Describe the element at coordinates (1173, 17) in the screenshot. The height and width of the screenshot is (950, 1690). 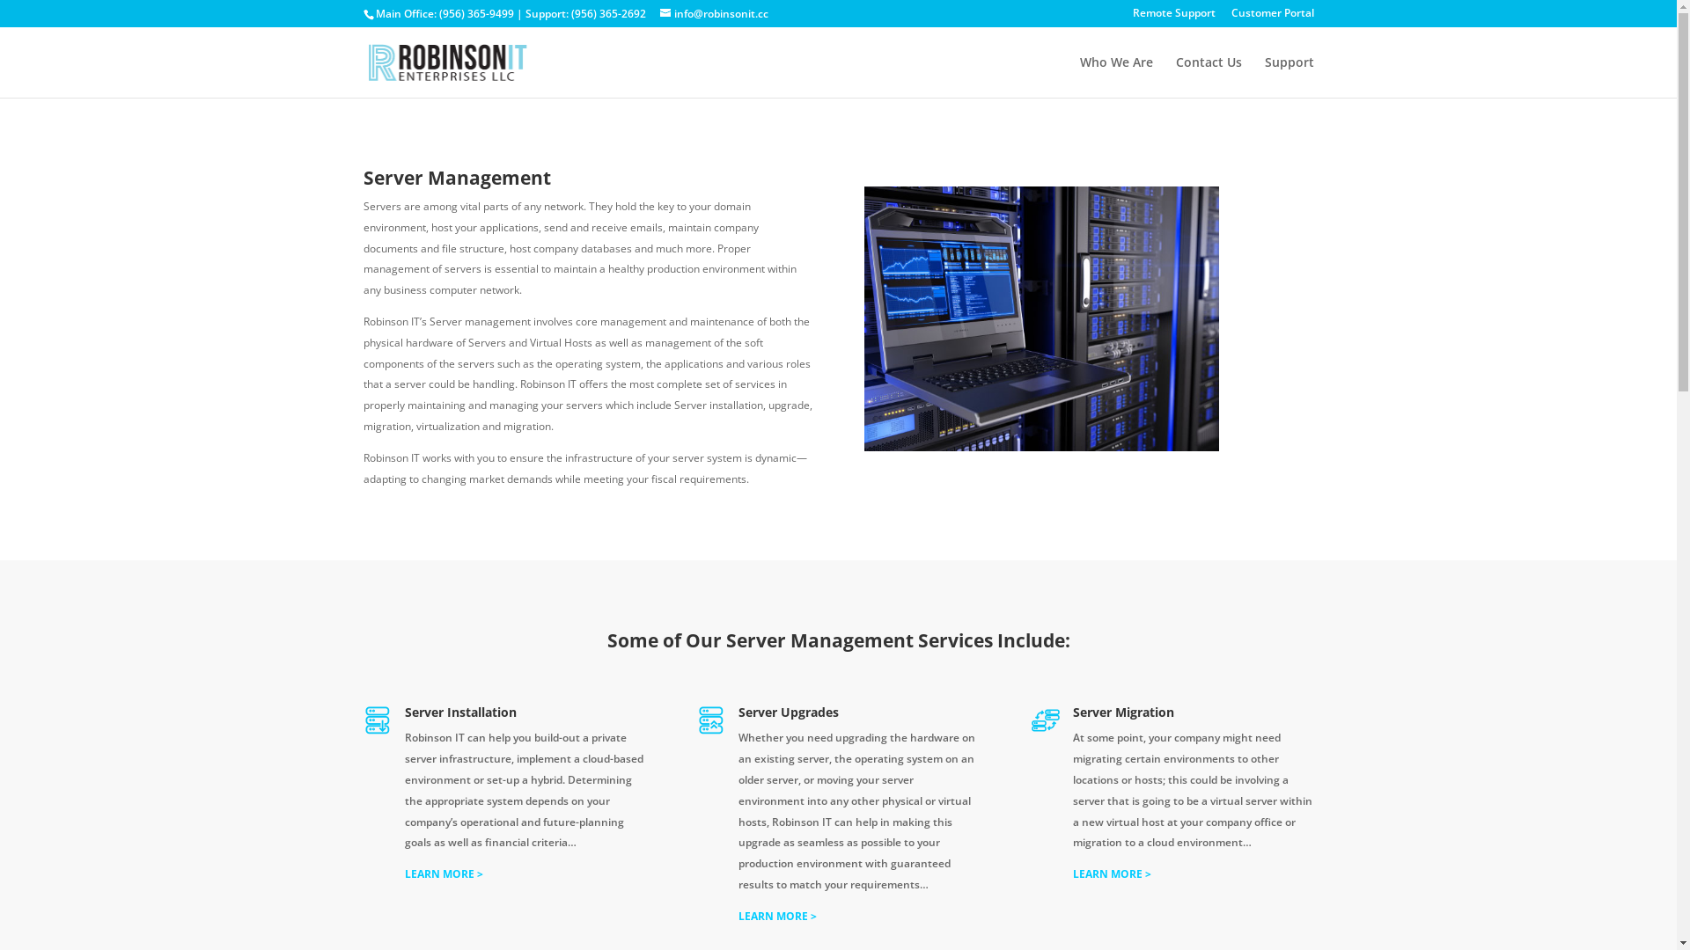
I see `'Remote Support'` at that location.